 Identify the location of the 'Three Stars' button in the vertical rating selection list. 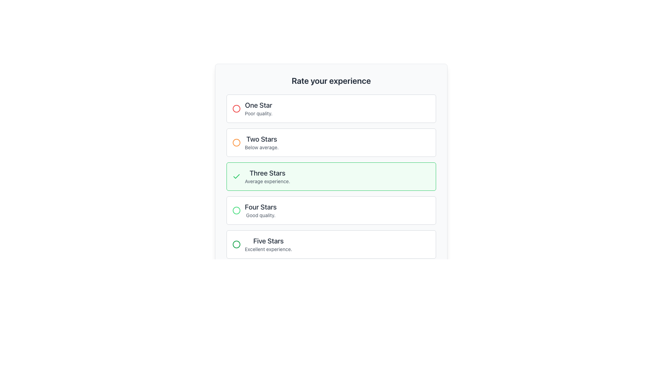
(331, 176).